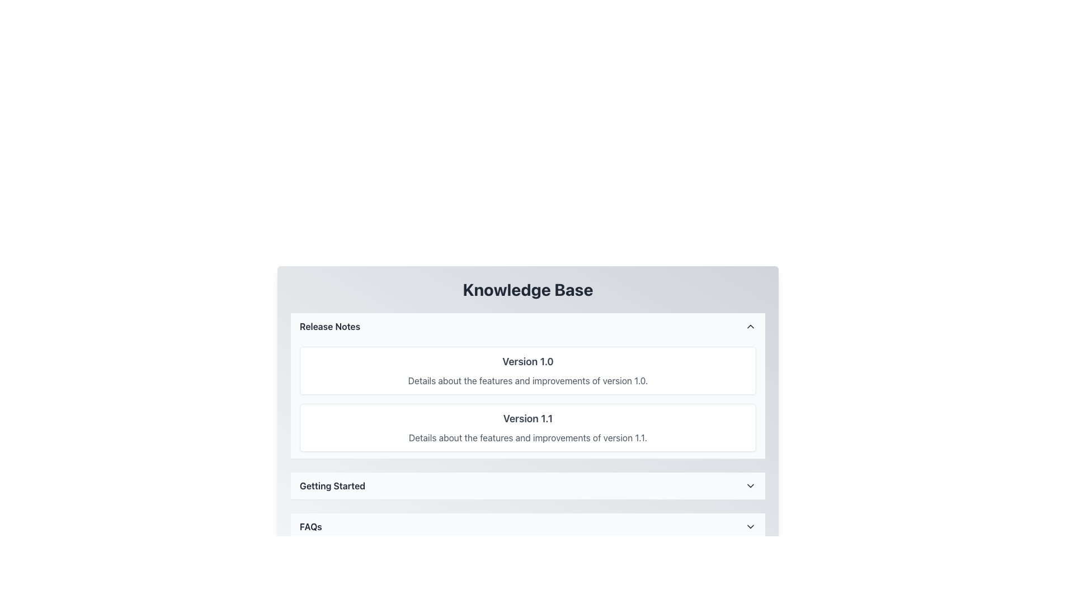 The height and width of the screenshot is (604, 1074). Describe the element at coordinates (527, 398) in the screenshot. I see `the interactive versions within the Information Group located in the 'Release Notes' section, which contains two vertically aligned blocks of software version information` at that location.